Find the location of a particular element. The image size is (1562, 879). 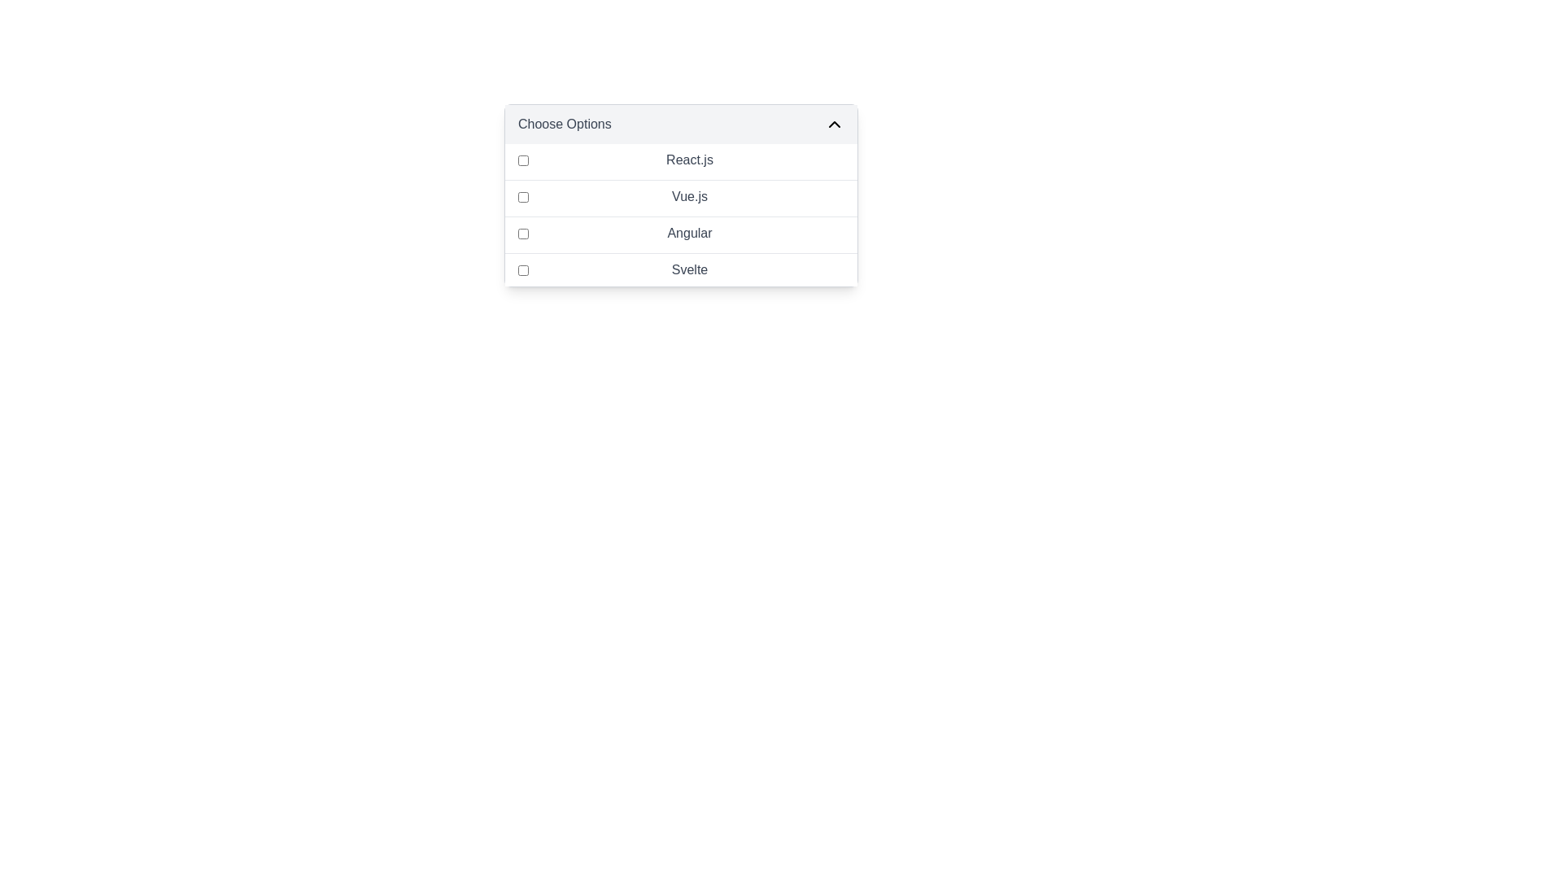

the checkbox for the 'Angular' list item is located at coordinates (681, 233).